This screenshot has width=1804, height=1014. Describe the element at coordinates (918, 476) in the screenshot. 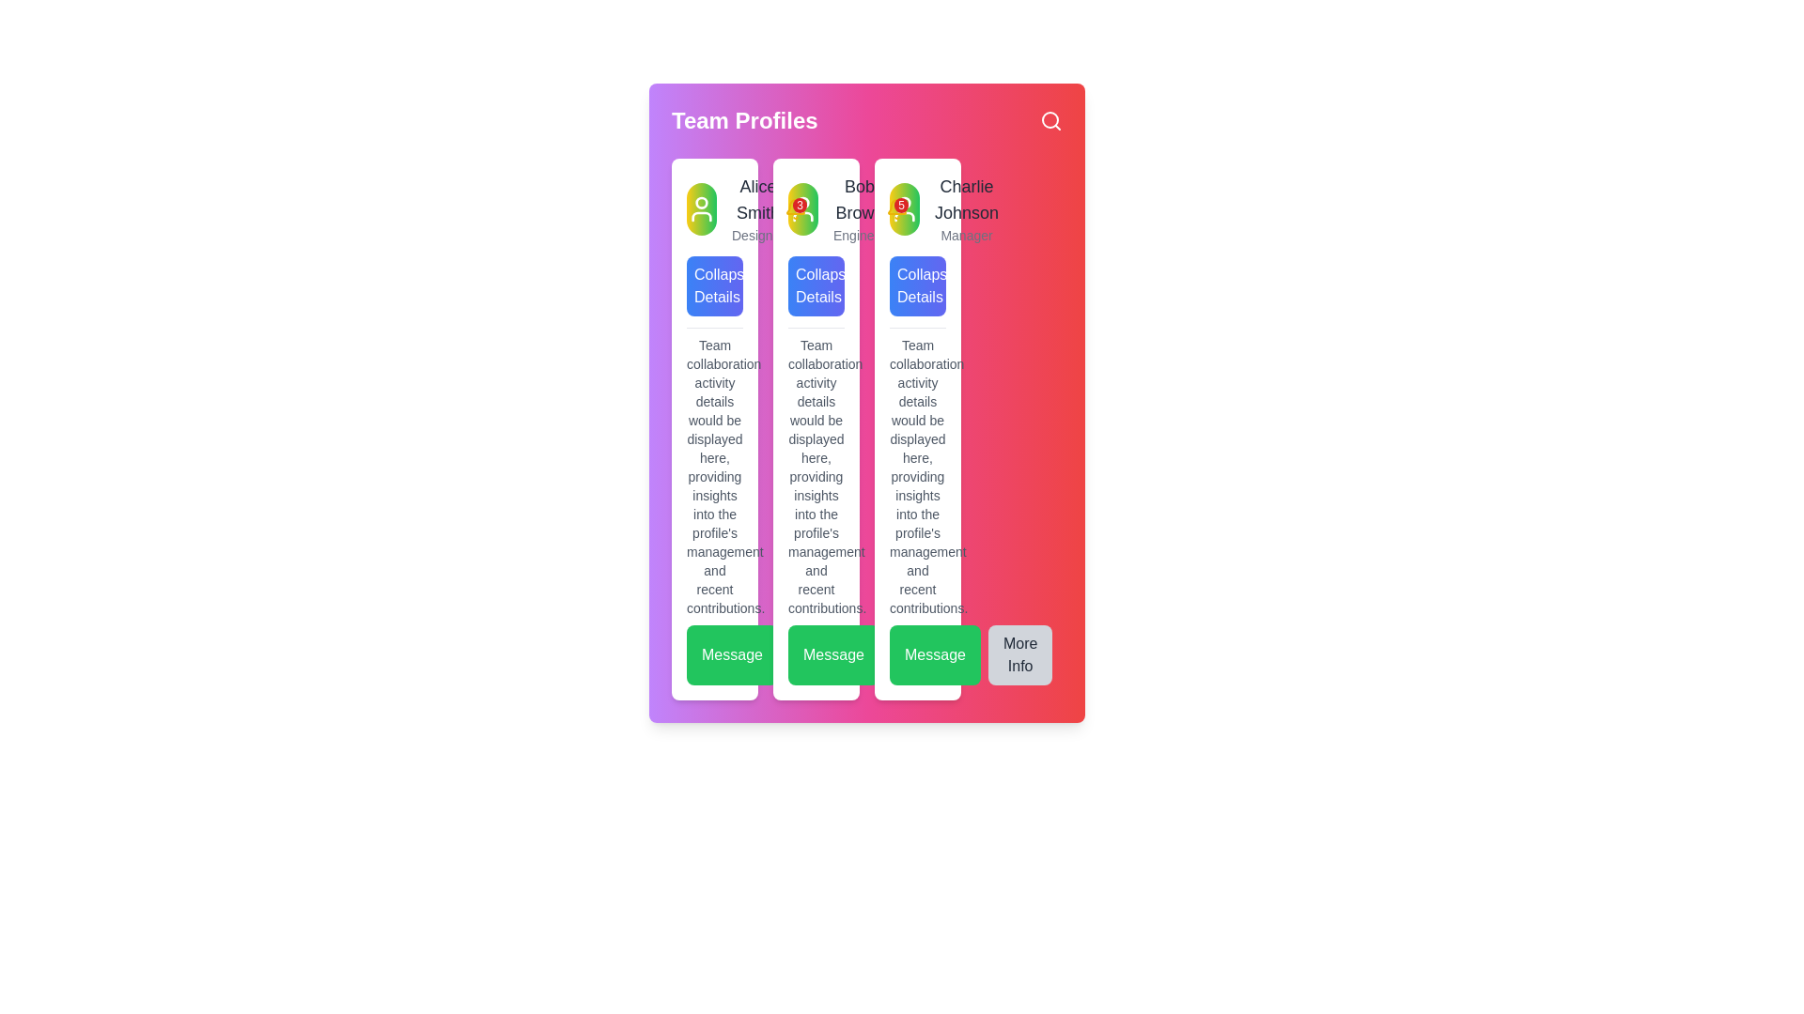

I see `the text block located in the third card, which provides insights into team collaboration activity details` at that location.